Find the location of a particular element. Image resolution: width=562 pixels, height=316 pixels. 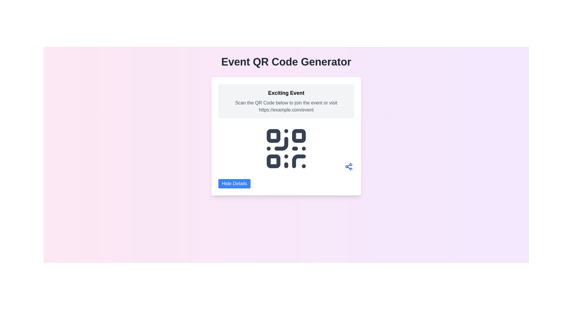

the small circular blue share button located at the bottom right corner of the QR Code card is located at coordinates (349, 167).